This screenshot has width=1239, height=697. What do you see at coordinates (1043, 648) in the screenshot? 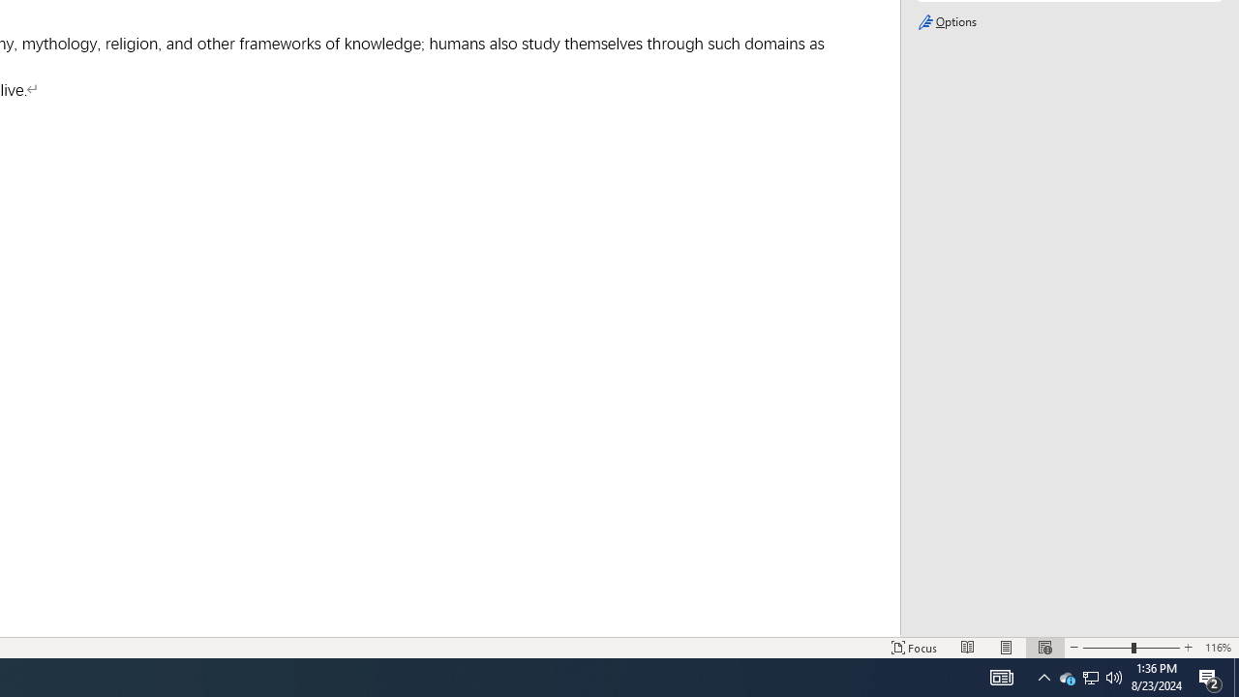
I see `'Web Layout'` at bounding box center [1043, 648].